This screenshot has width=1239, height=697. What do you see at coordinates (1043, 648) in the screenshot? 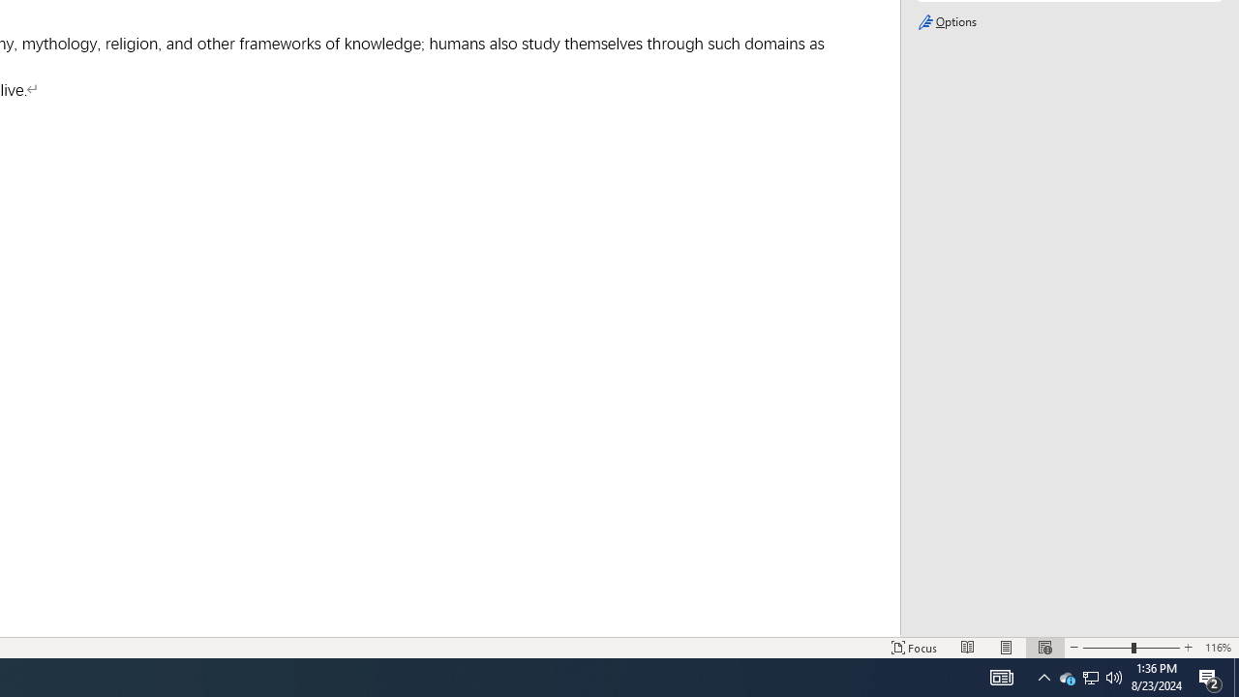
I see `'Web Layout'` at bounding box center [1043, 648].